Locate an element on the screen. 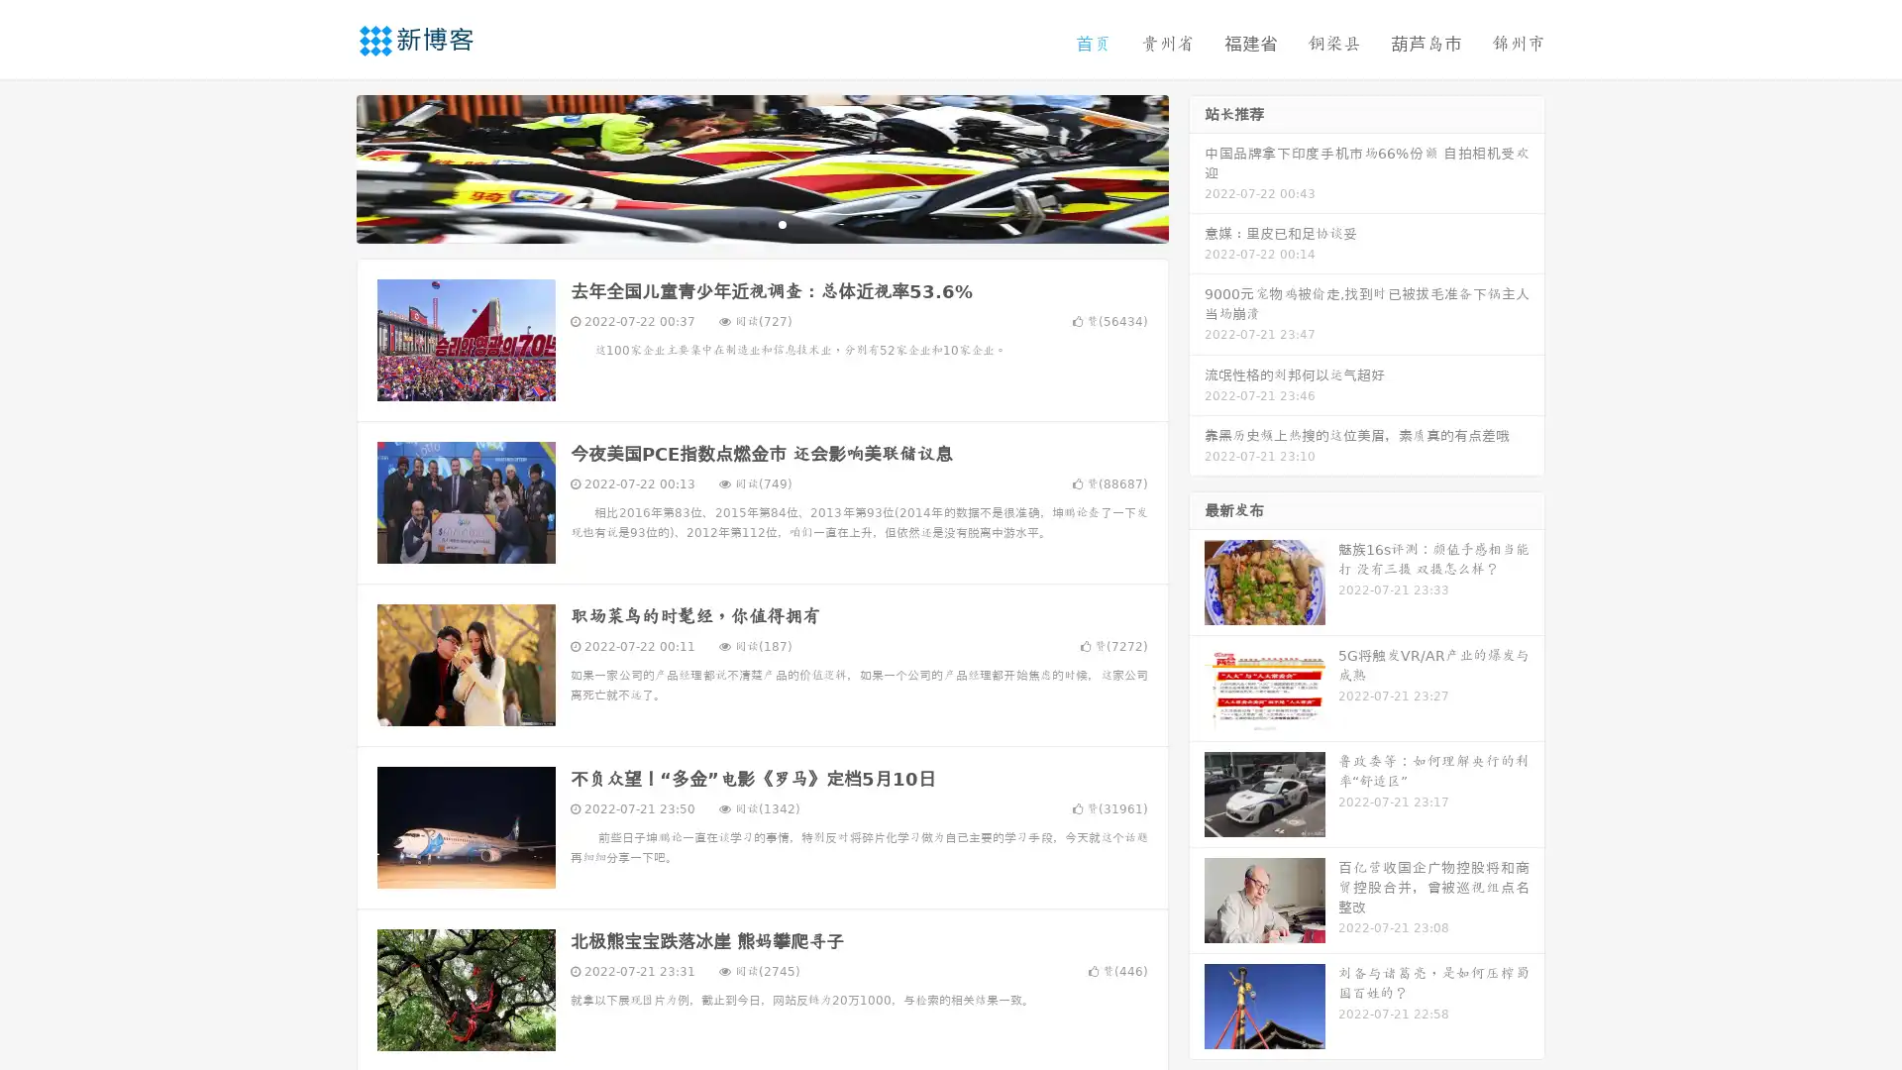 The height and width of the screenshot is (1070, 1902). Go to slide 1 is located at coordinates (741, 223).